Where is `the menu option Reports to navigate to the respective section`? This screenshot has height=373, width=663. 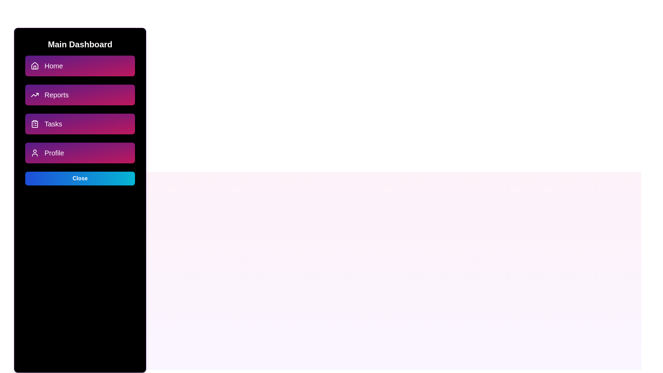 the menu option Reports to navigate to the respective section is located at coordinates (80, 95).